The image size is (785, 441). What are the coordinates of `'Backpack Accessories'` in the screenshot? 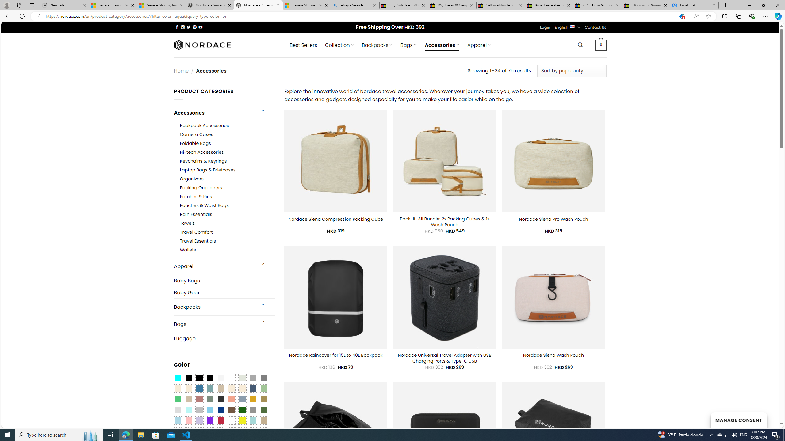 It's located at (227, 125).